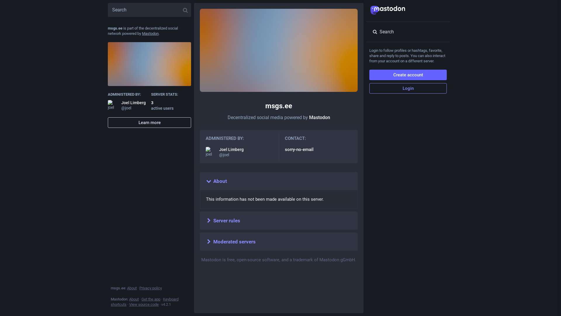  Describe the element at coordinates (239, 152) in the screenshot. I see `'Joel Limberg` at that location.